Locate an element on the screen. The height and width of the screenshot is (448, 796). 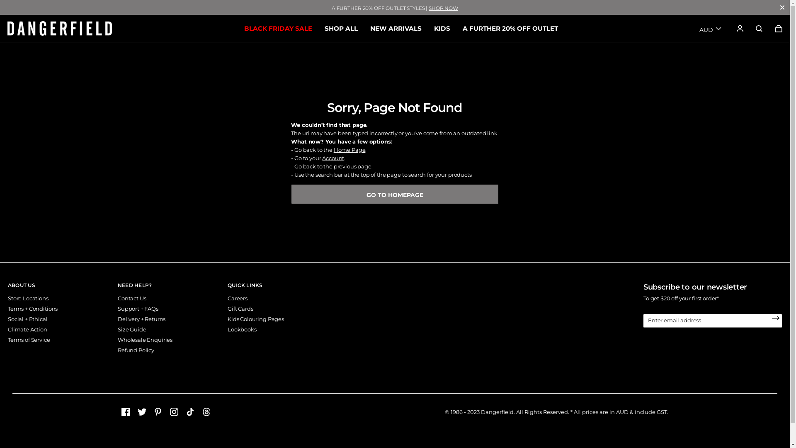
'Contact Us' is located at coordinates (131, 297).